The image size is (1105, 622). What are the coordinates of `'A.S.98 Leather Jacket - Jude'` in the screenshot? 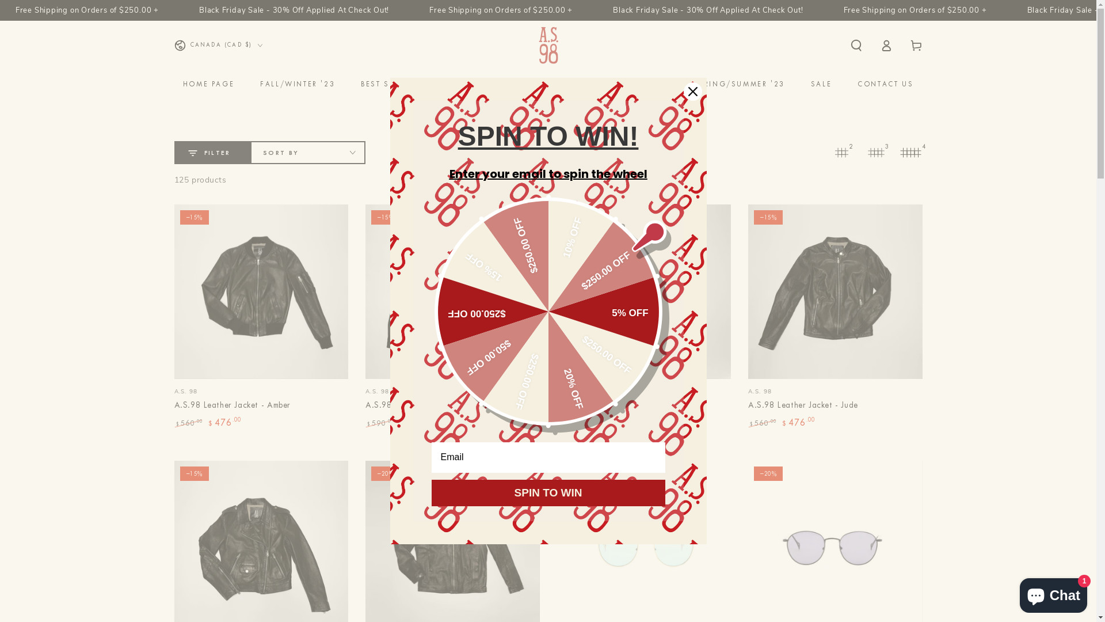 It's located at (802, 405).